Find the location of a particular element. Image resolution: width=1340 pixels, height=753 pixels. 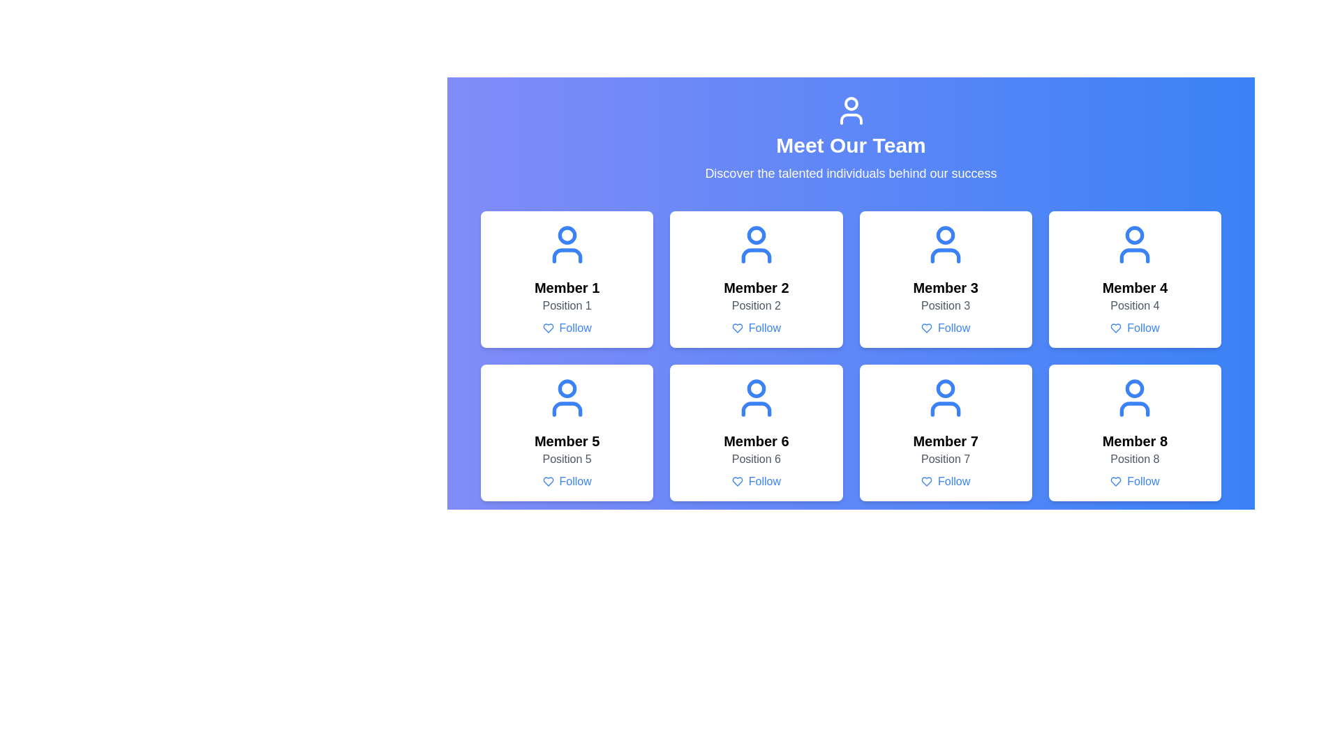

the card UI element displaying information about 'Member 3', located in the third column and first row of the grid is located at coordinates (946, 280).